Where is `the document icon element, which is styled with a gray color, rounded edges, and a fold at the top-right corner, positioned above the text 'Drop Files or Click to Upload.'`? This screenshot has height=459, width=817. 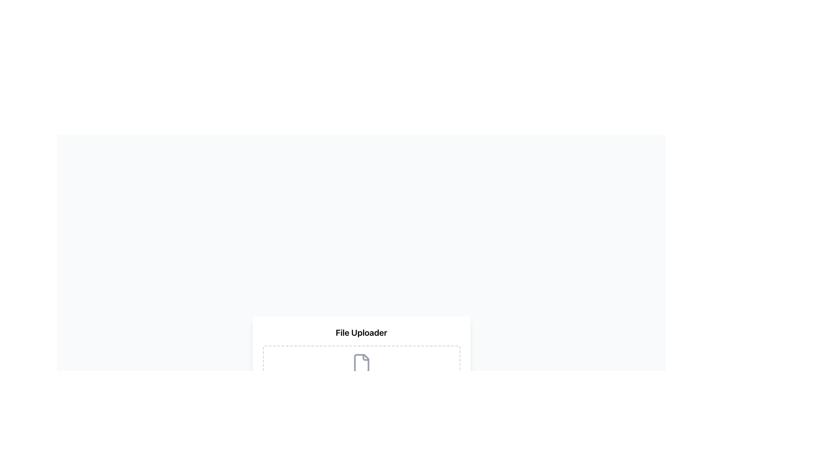
the document icon element, which is styled with a gray color, rounded edges, and a fold at the top-right corner, positioned above the text 'Drop Files or Click to Upload.' is located at coordinates (361, 363).